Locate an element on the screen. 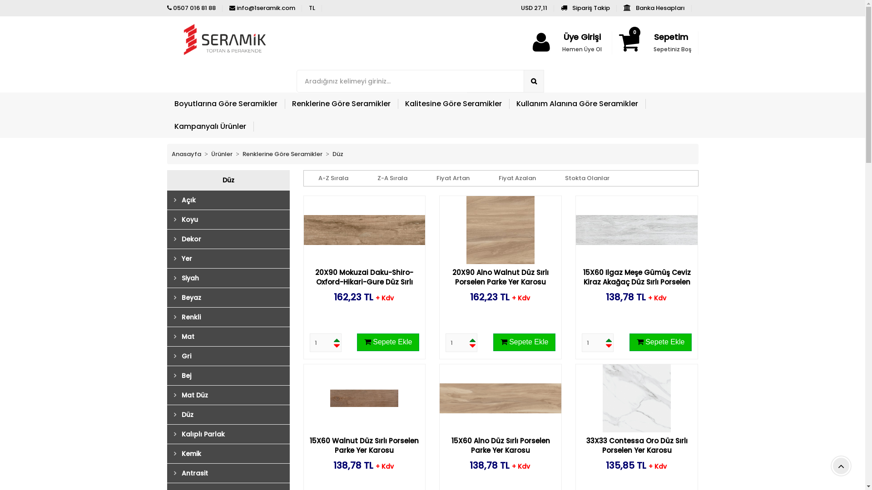  'Sepete Ekle' is located at coordinates (660, 342).